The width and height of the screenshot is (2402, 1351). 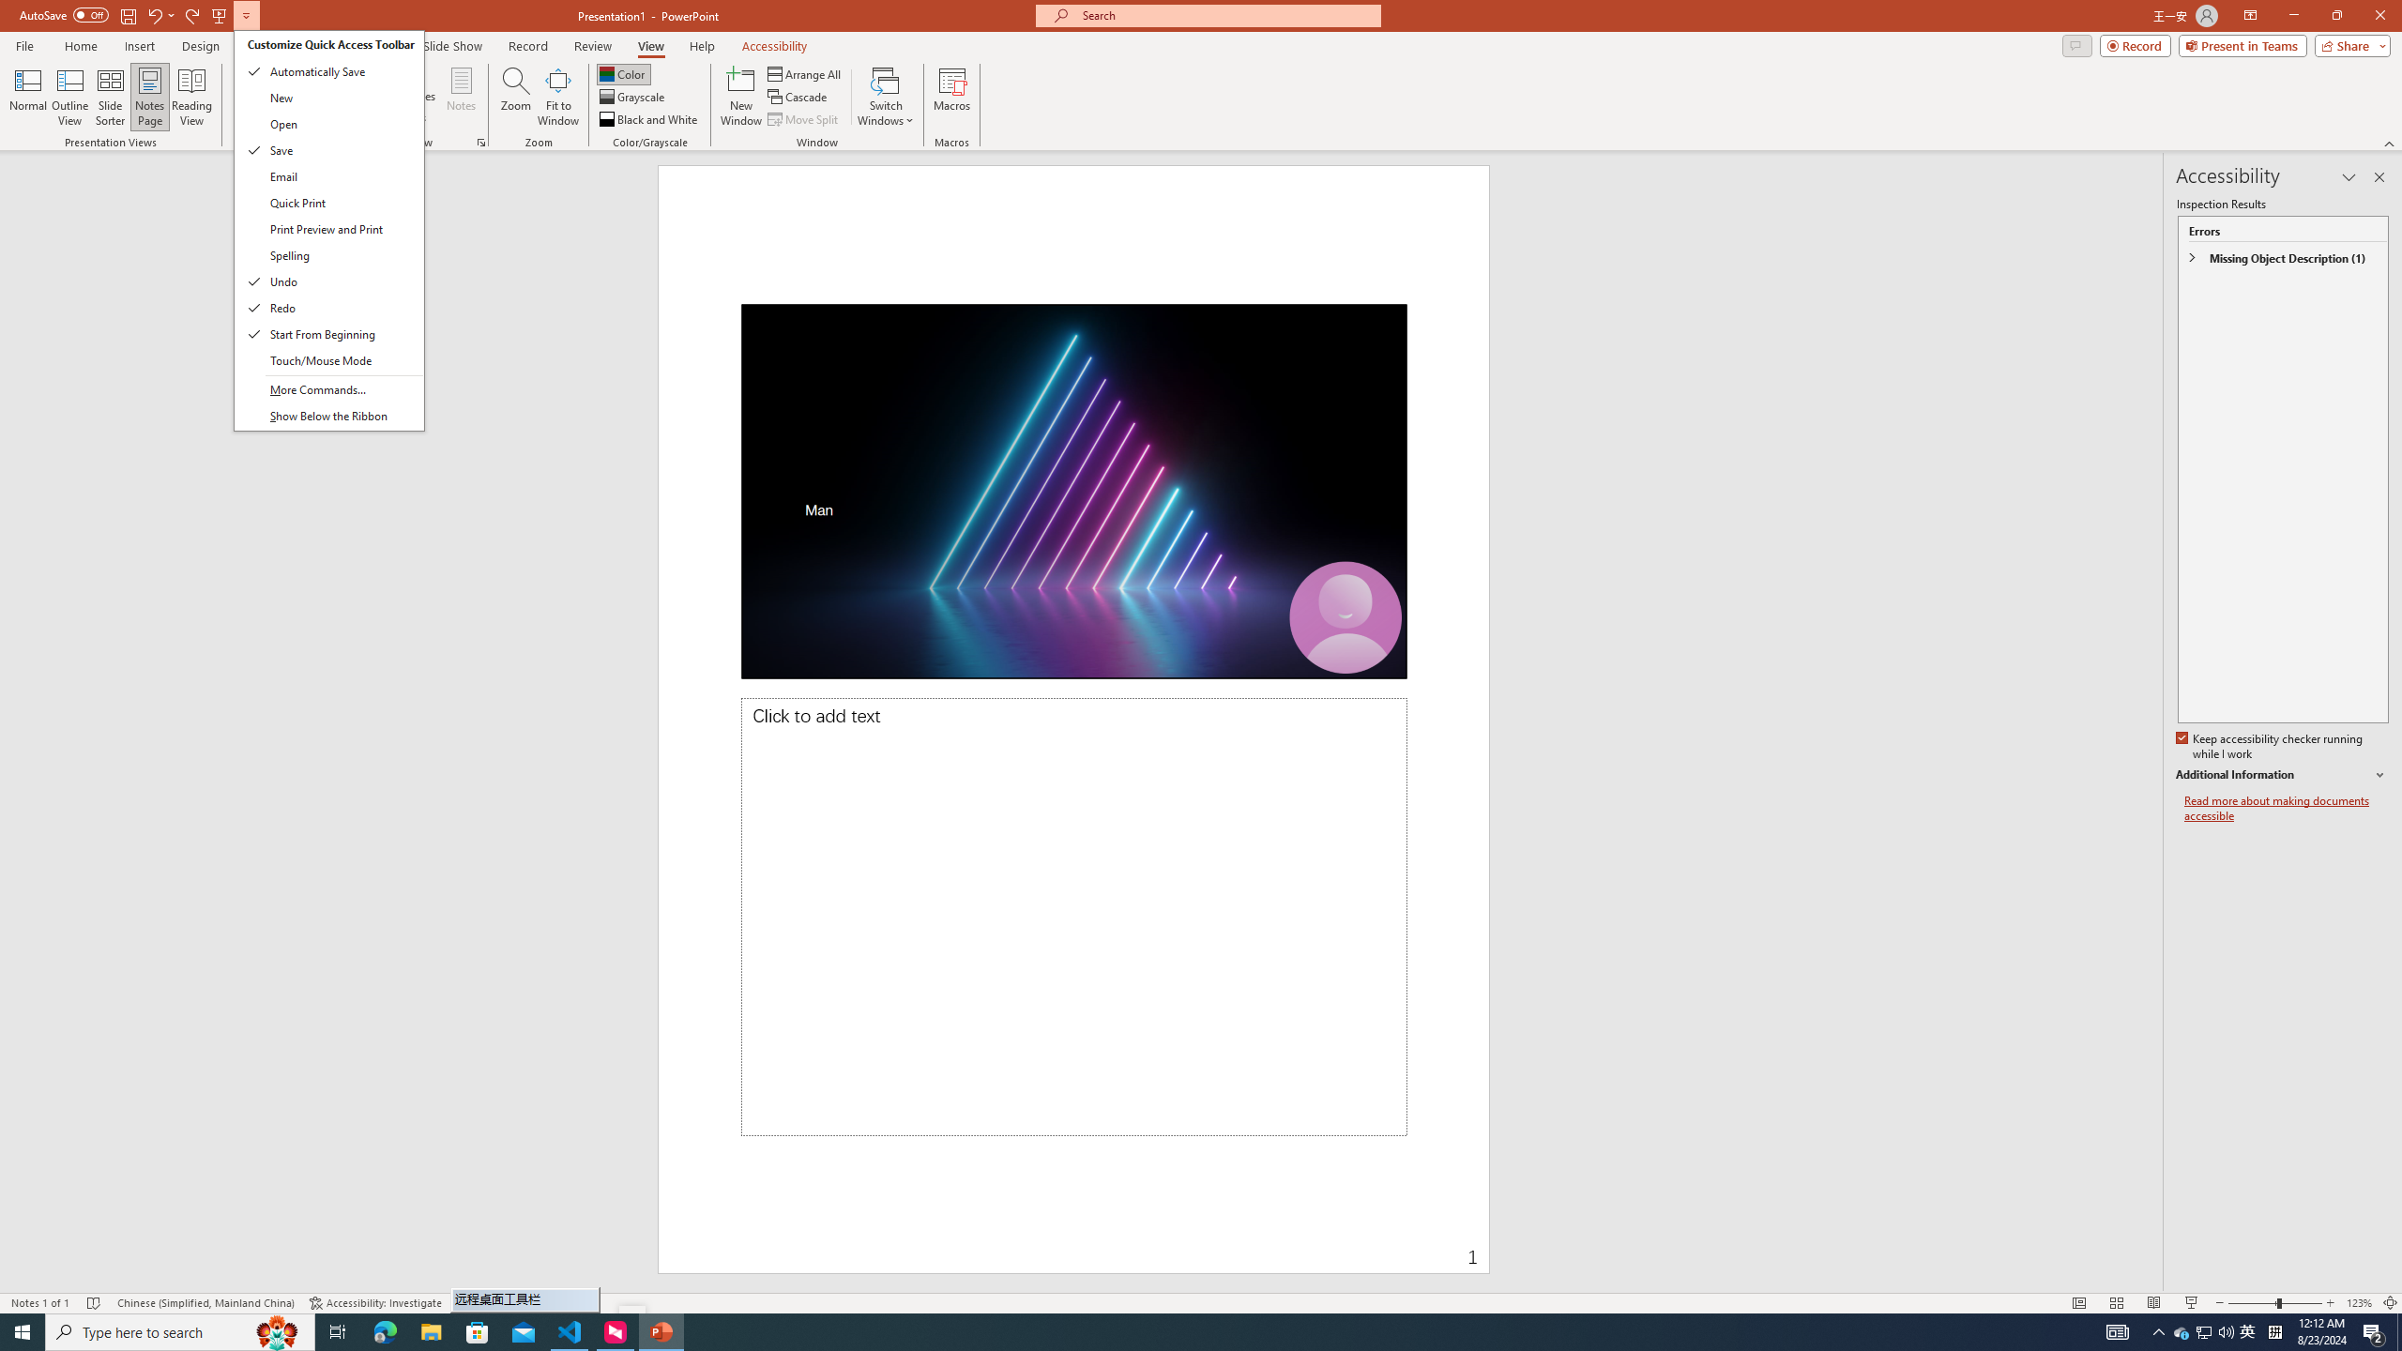 I want to click on 'Arrange All', so click(x=804, y=73).